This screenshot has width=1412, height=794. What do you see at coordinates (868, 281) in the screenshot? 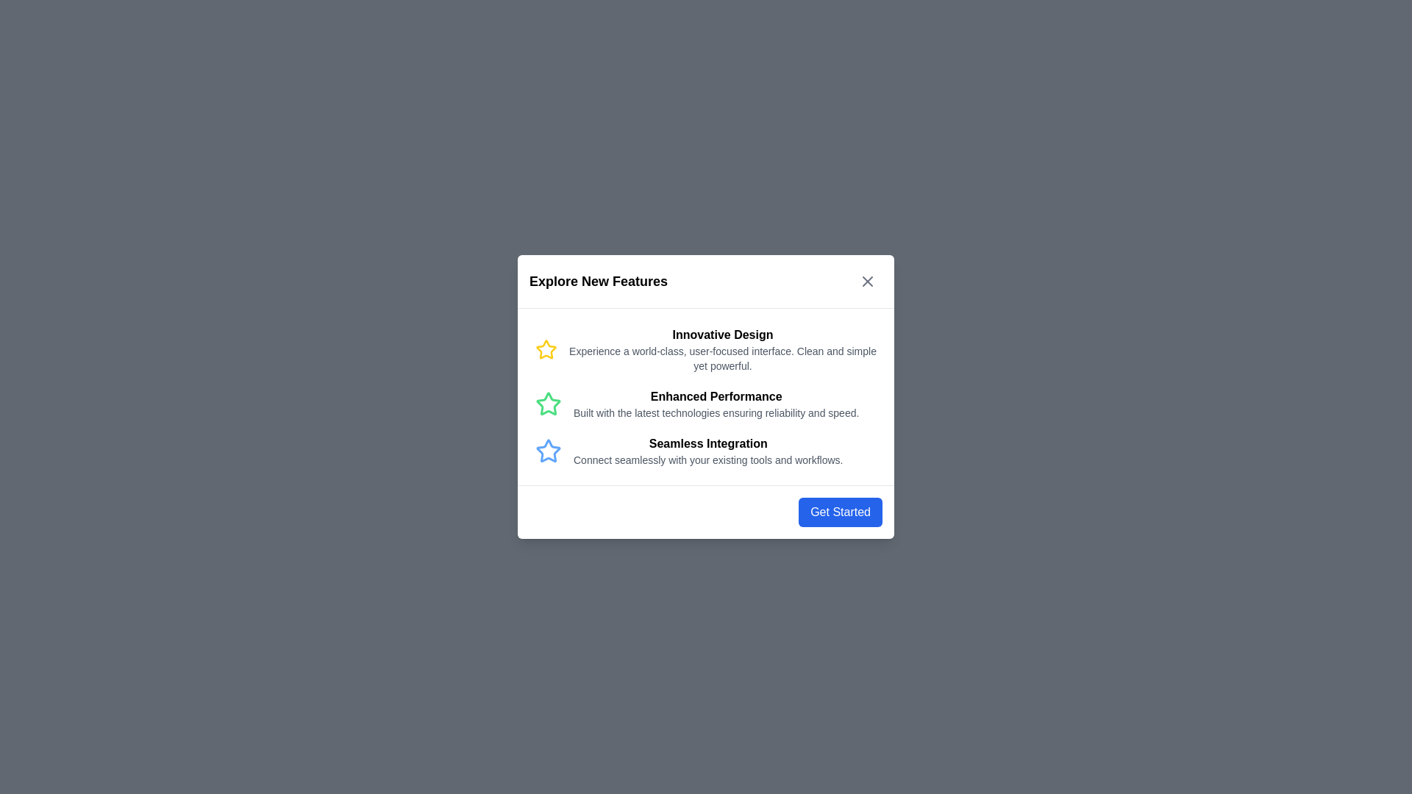
I see `the close icon button located at the top-right corner of the dialog box` at bounding box center [868, 281].